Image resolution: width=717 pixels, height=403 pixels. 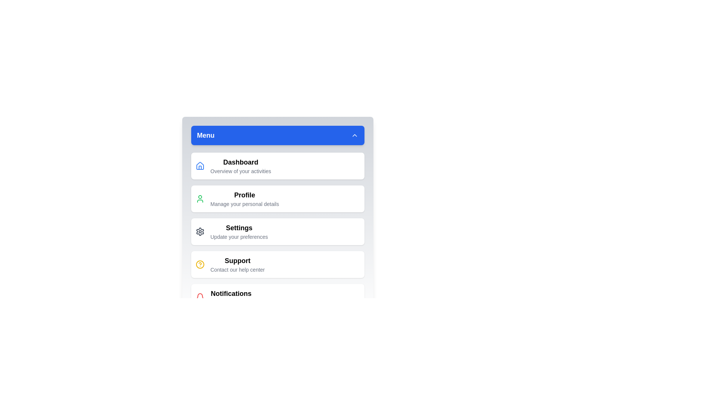 What do you see at coordinates (239, 237) in the screenshot?
I see `the text label 'Update your preferences', which is styled in small gray text and located under the 'Settings' headline in the settings menu interface` at bounding box center [239, 237].